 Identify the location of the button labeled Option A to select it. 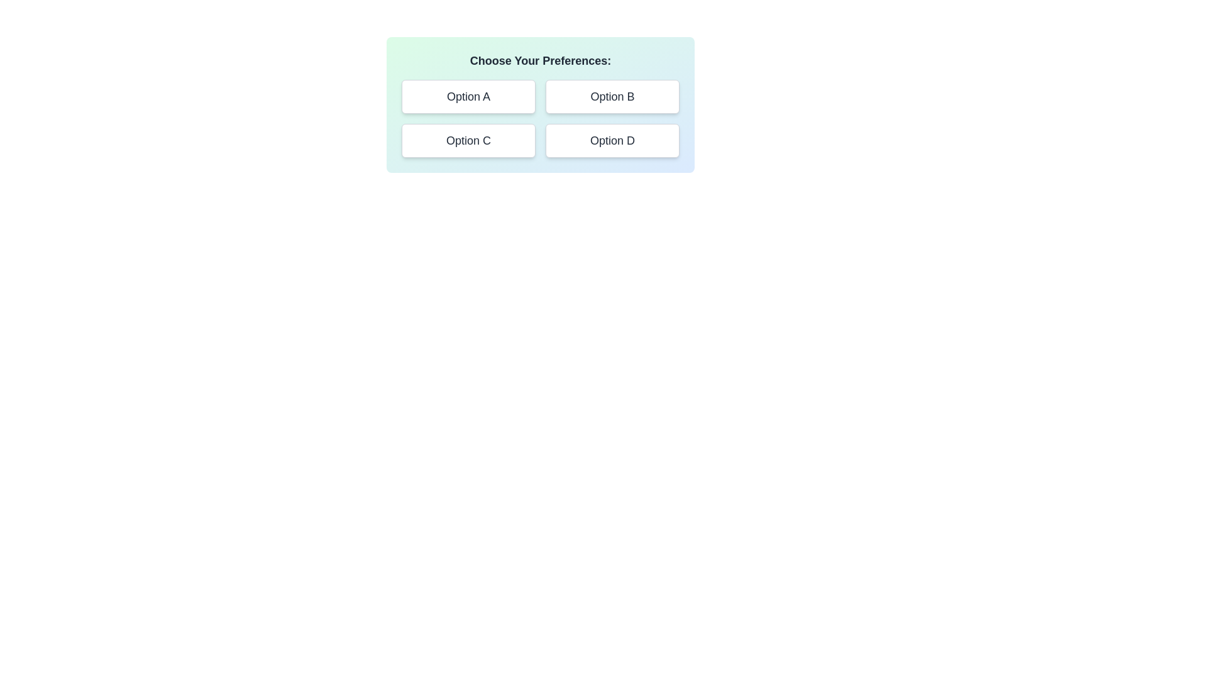
(468, 96).